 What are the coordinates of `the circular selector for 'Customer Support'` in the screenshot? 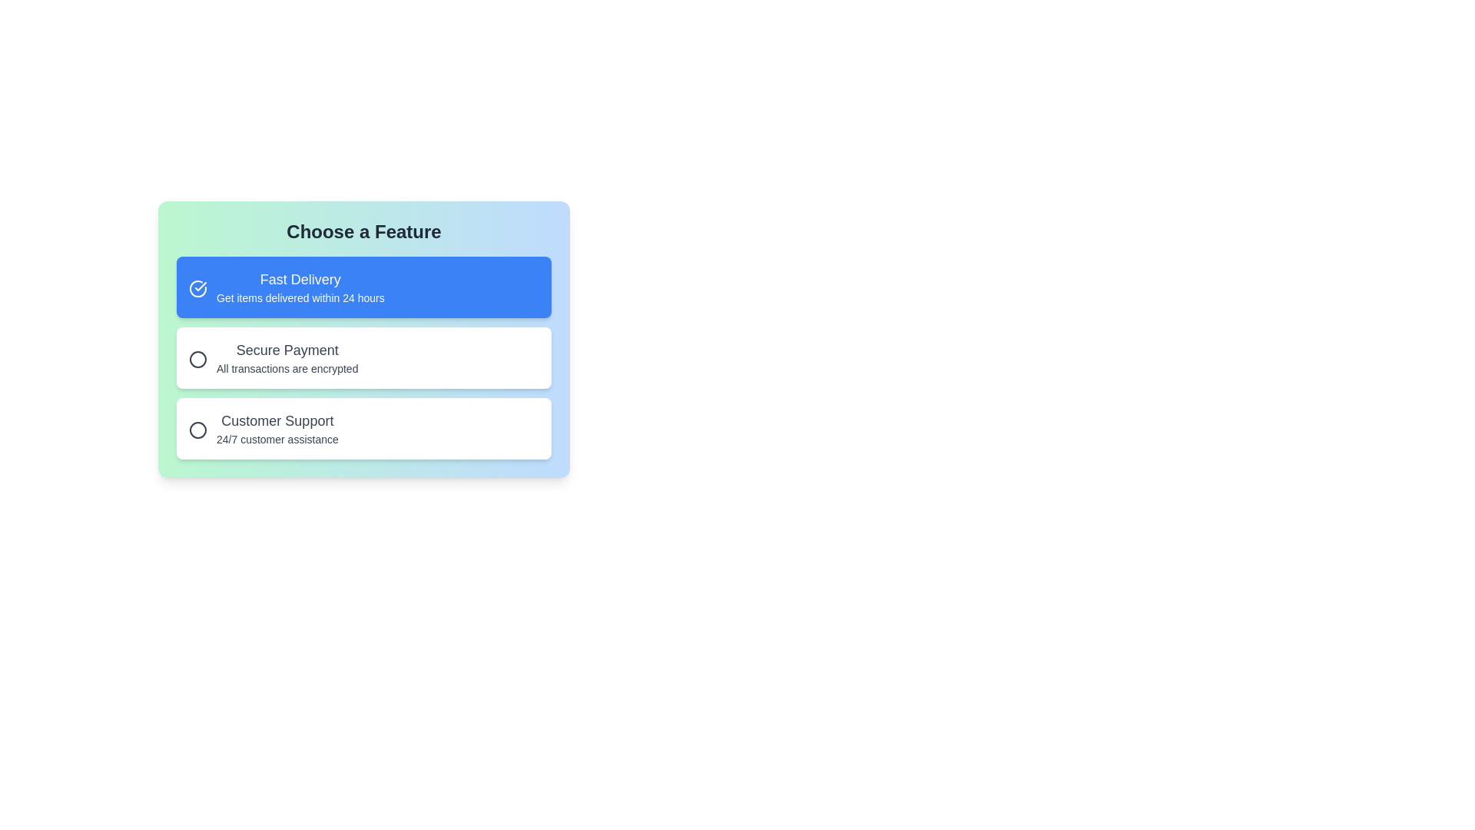 It's located at (197, 430).